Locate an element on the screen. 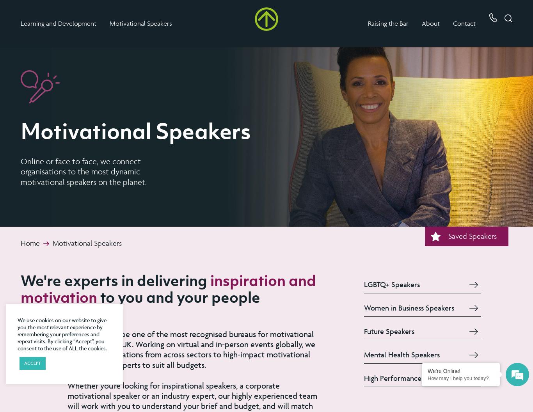 This screenshot has height=412, width=533. 'How may I help you today?' is located at coordinates (458, 378).